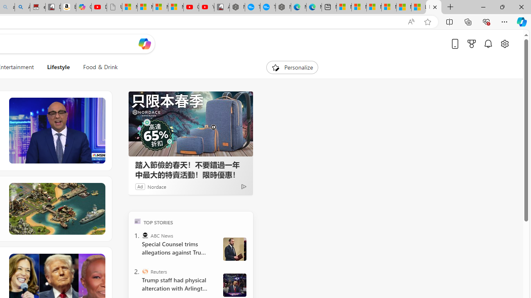 This screenshot has height=298, width=531. I want to click on 'TOP', so click(138, 221).